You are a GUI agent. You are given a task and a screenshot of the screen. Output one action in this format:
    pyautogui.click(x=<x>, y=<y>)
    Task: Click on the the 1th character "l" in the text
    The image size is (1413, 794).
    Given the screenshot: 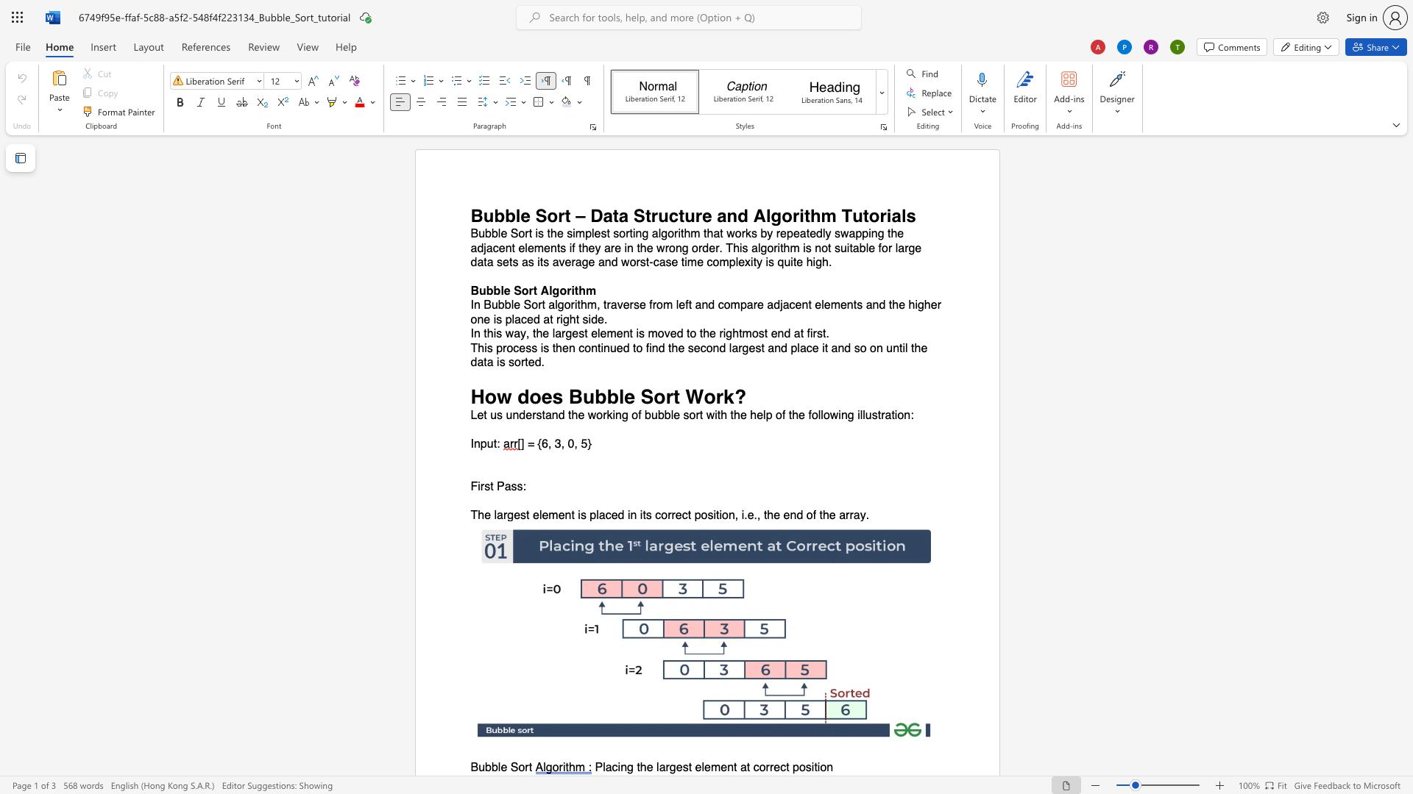 What is the action you would take?
    pyautogui.click(x=499, y=767)
    